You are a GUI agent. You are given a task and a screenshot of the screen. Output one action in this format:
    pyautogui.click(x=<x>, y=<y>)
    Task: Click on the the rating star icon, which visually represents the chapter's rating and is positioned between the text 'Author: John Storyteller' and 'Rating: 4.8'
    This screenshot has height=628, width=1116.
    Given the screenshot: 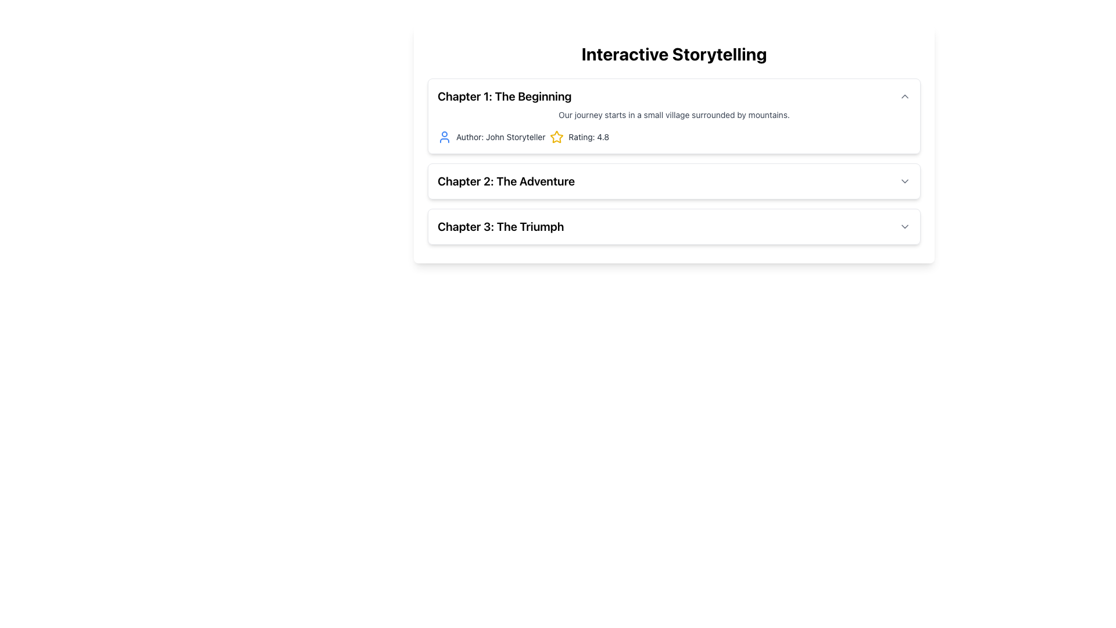 What is the action you would take?
    pyautogui.click(x=556, y=136)
    